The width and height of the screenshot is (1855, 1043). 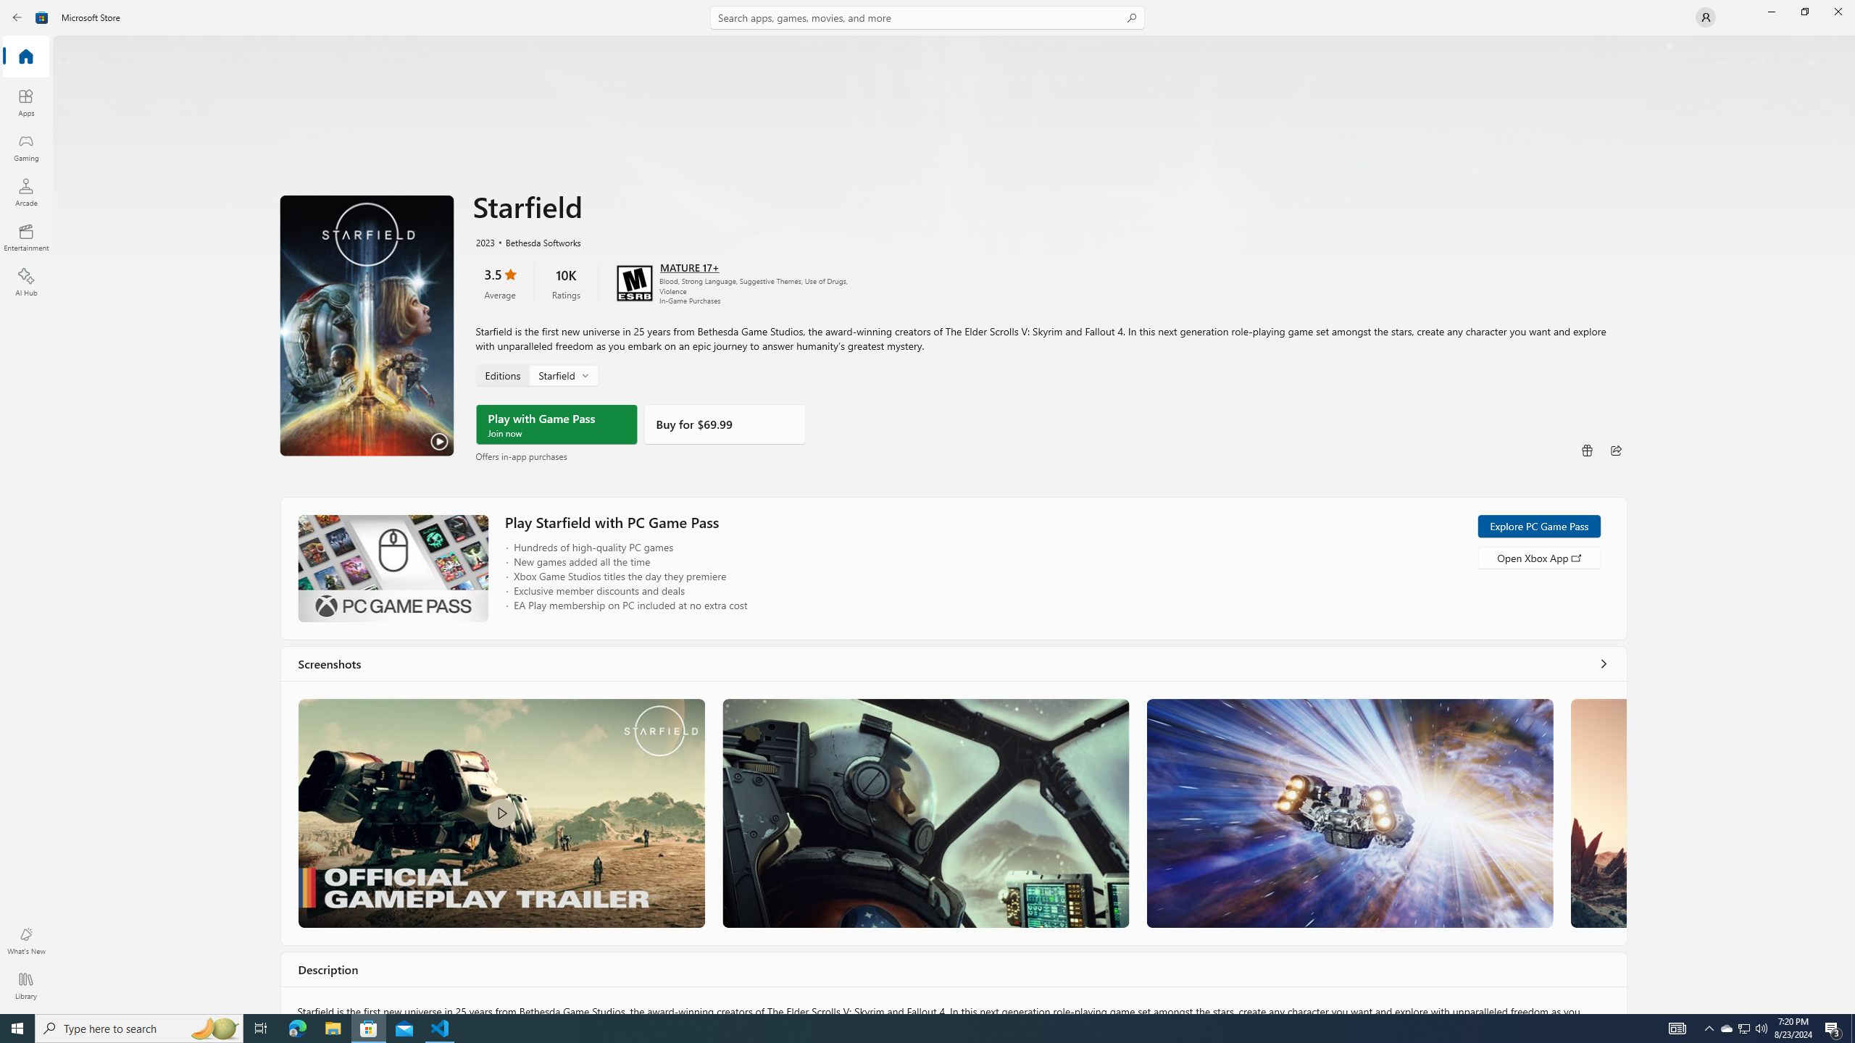 What do you see at coordinates (25, 281) in the screenshot?
I see `'AI Hub'` at bounding box center [25, 281].